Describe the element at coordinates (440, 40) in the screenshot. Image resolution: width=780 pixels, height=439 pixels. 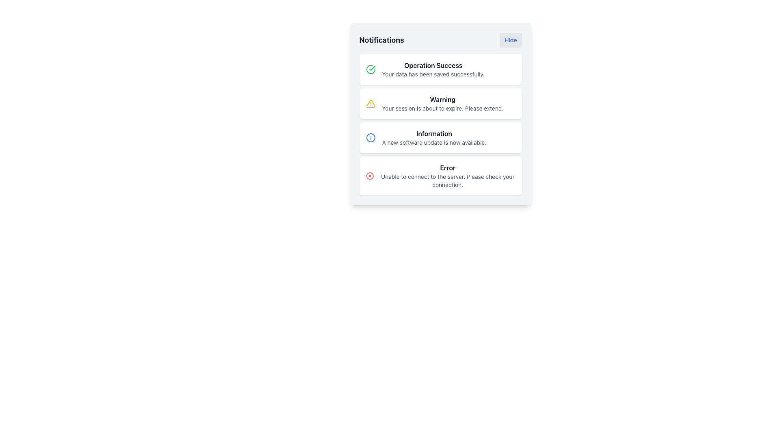
I see `the 'Hide' button, which is styled with a blue font and a light gray background` at that location.